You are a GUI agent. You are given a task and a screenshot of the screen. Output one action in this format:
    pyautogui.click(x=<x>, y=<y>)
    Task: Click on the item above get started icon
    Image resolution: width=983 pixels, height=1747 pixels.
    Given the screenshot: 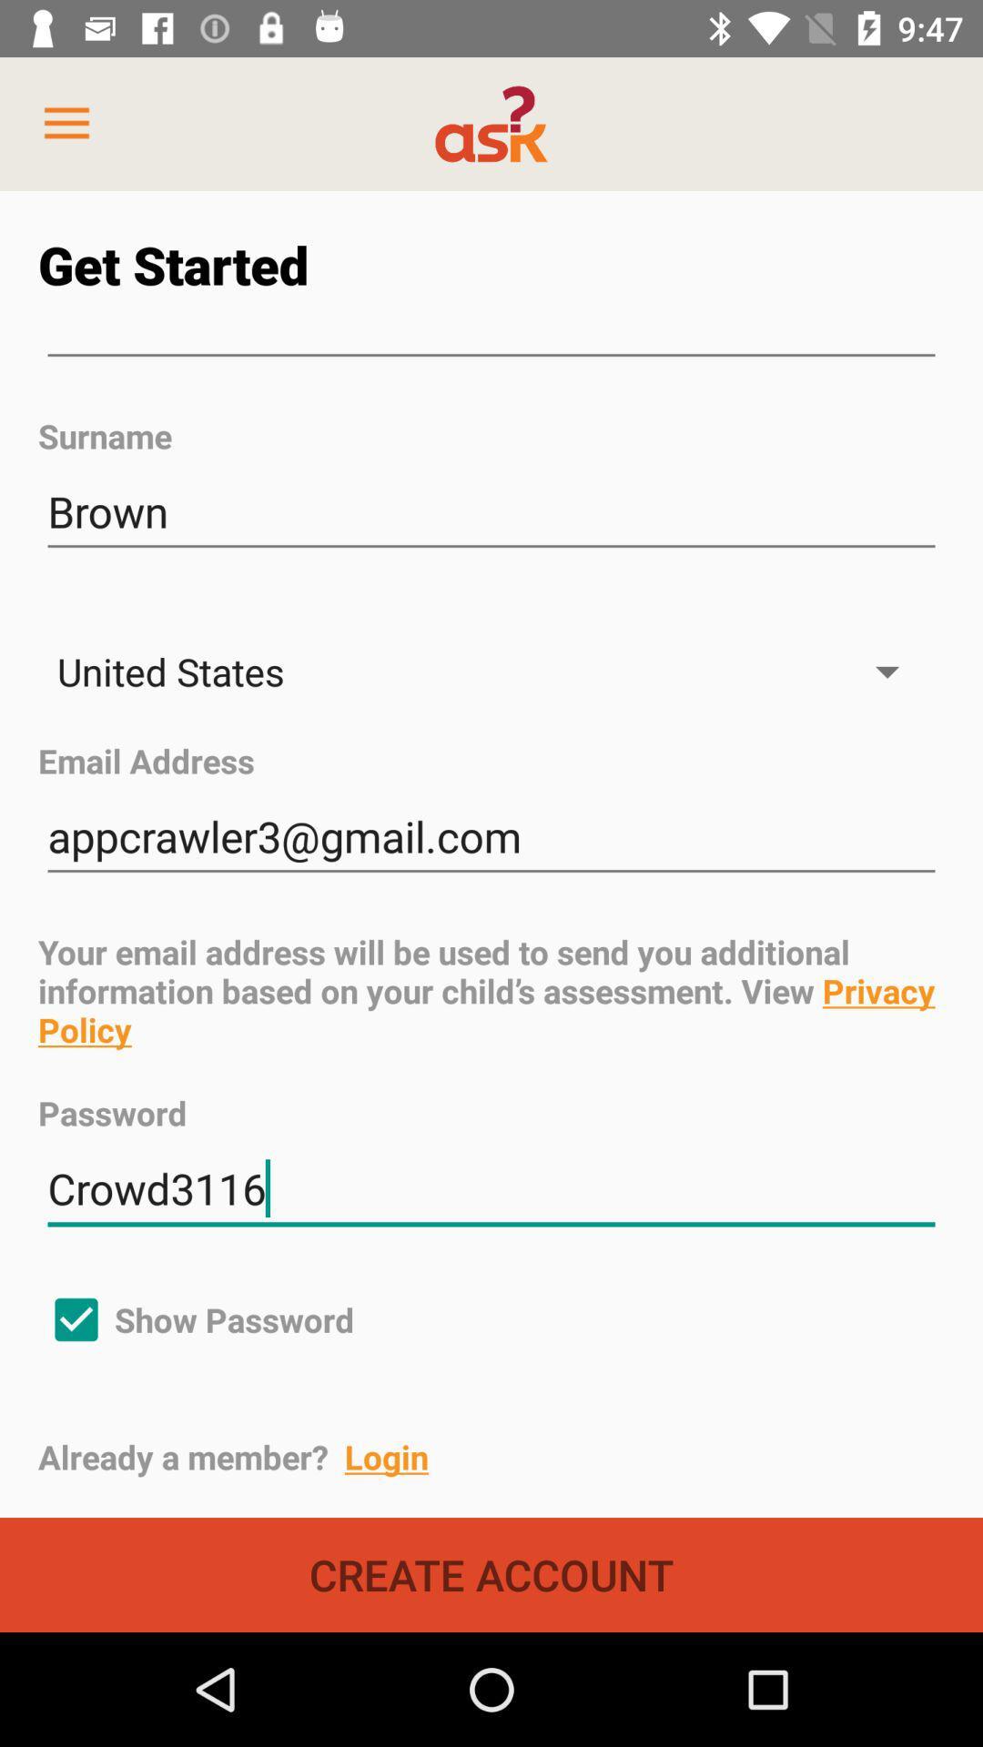 What is the action you would take?
    pyautogui.click(x=66, y=123)
    